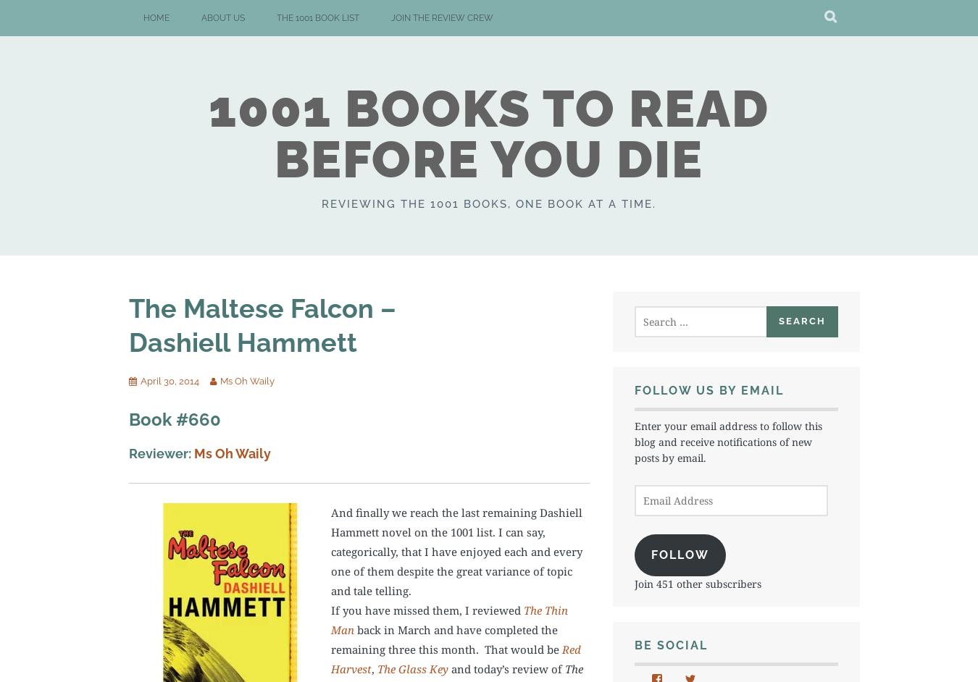 This screenshot has height=682, width=978. Describe the element at coordinates (222, 17) in the screenshot. I see `'About Us'` at that location.